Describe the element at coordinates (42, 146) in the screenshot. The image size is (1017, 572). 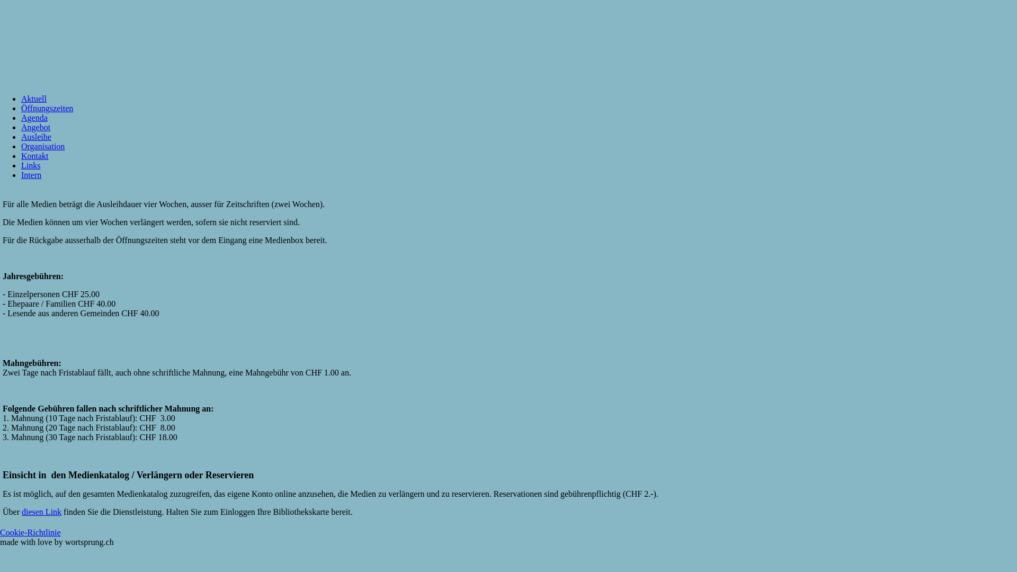
I see `'Organisation'` at that location.